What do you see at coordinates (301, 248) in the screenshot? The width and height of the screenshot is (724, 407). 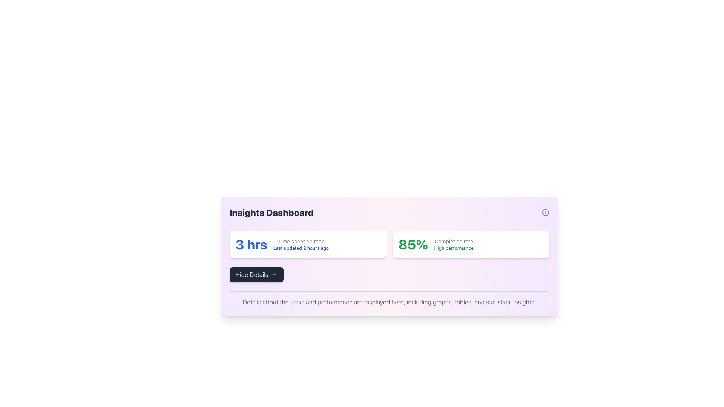 I see `the small text label that reads 'Last updated 2 hours ago', which is styled in blue and positioned below 'Time spent on task'` at bounding box center [301, 248].